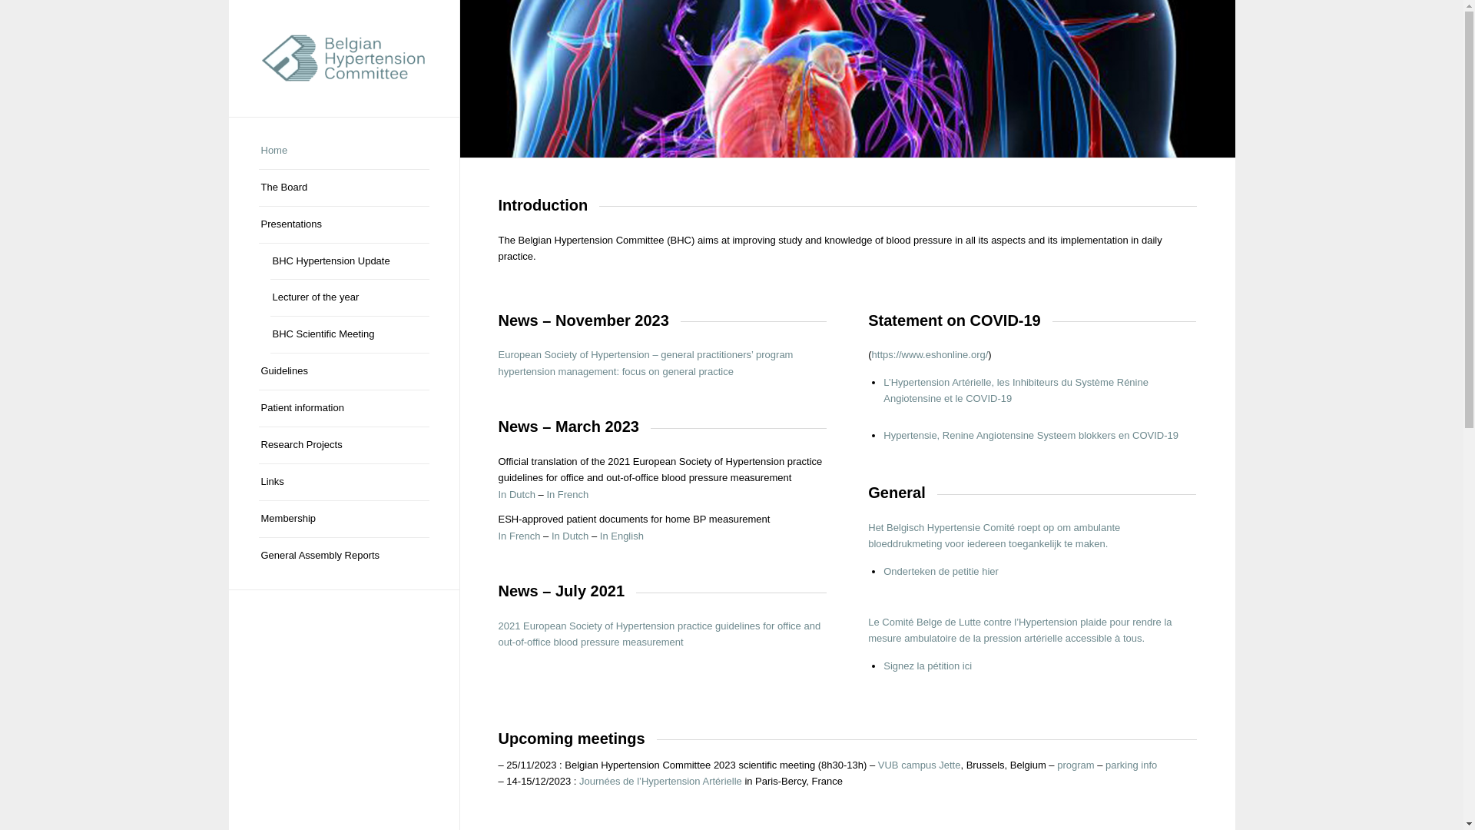  I want to click on 'Home', so click(342, 151).